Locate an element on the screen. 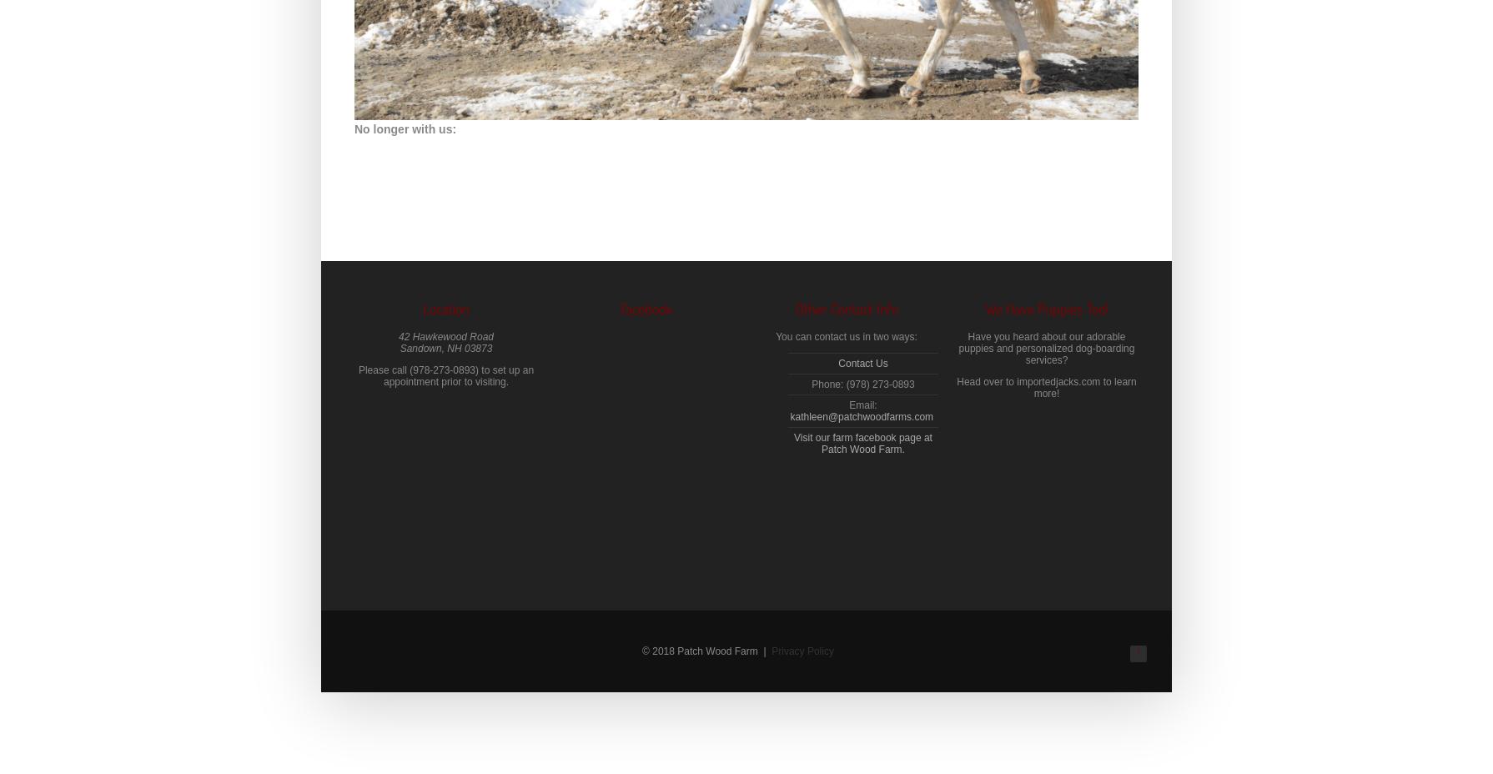 This screenshot has width=1493, height=774. '© 2018 Patch Wood Farm  |' is located at coordinates (641, 651).